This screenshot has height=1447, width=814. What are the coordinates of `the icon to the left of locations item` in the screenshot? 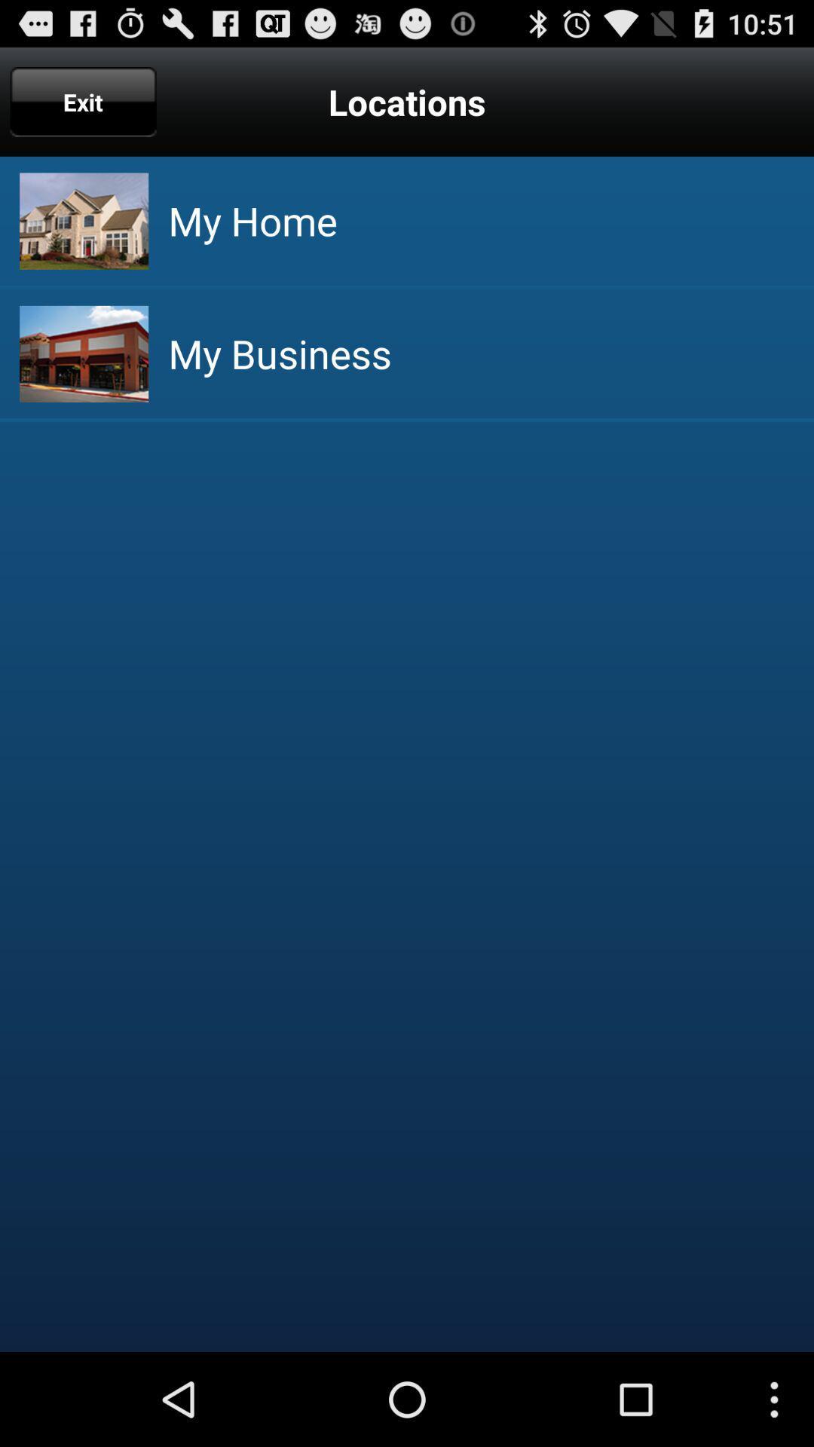 It's located at (83, 101).